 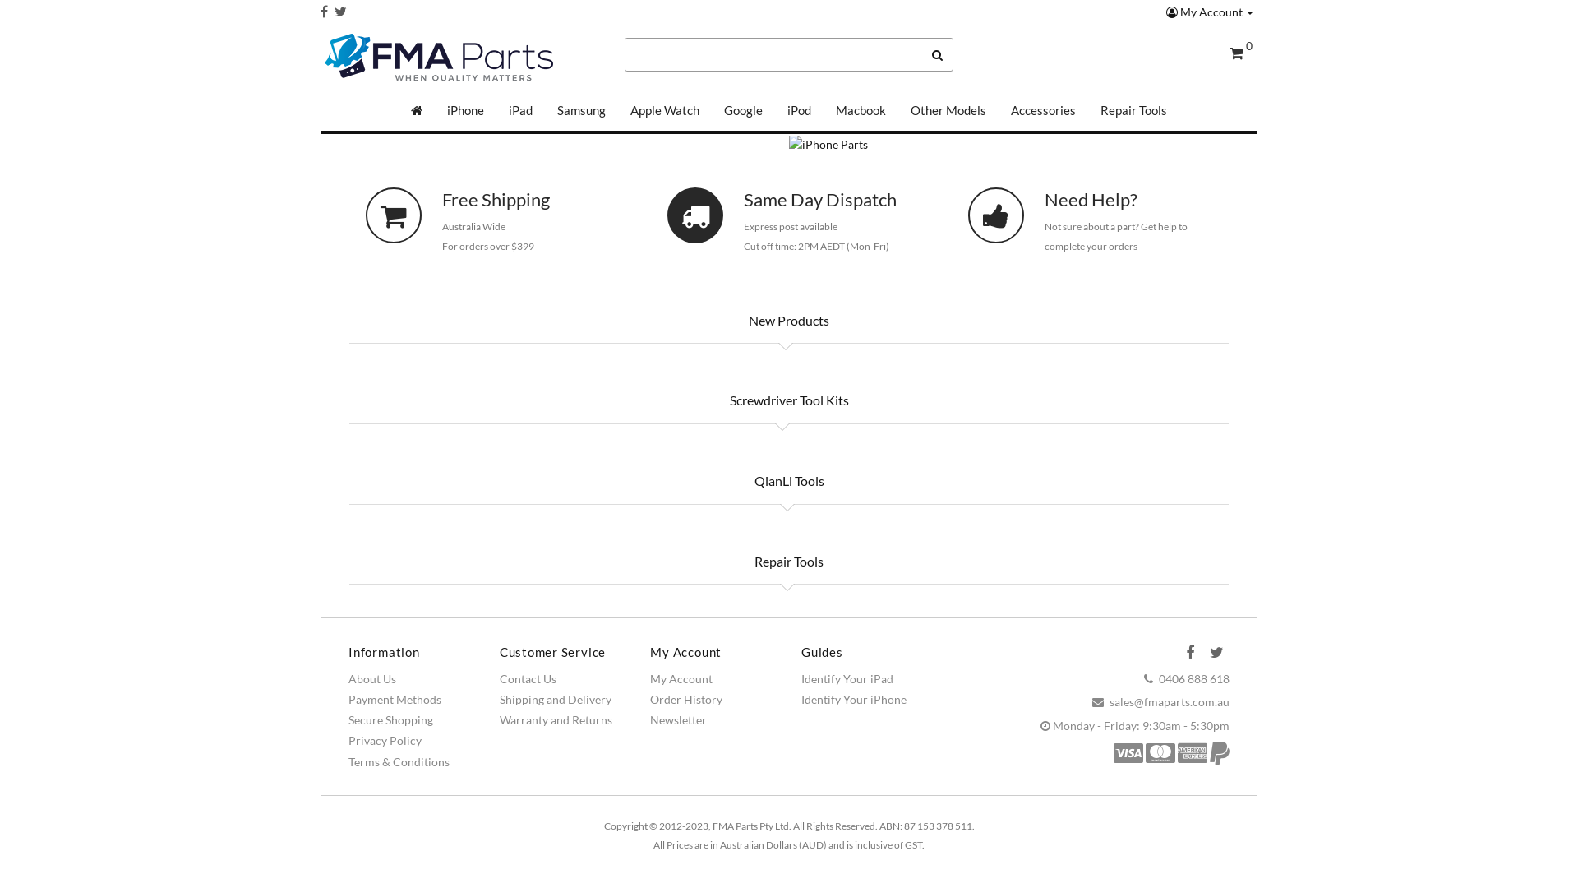 I want to click on 'Shipping and Delivery', so click(x=556, y=699).